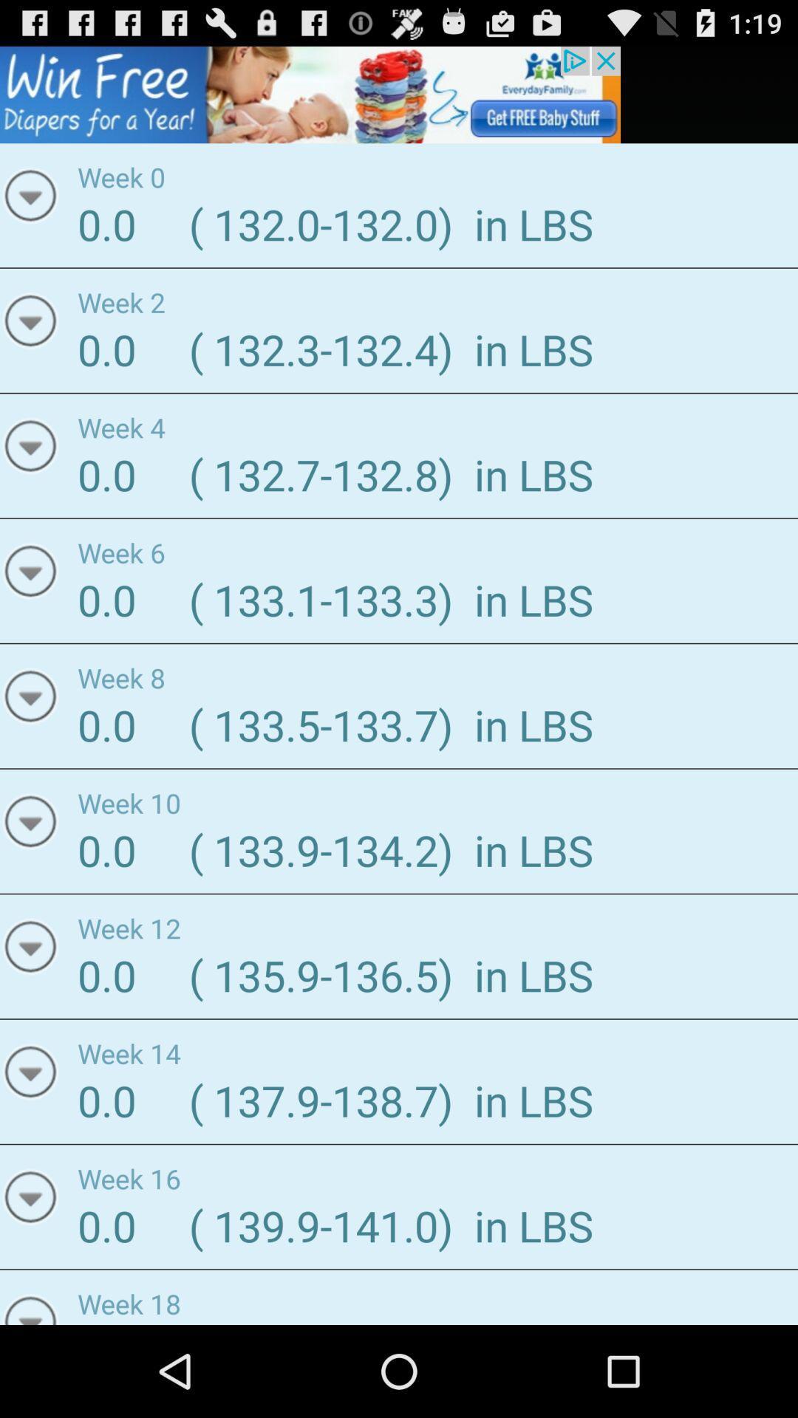  I want to click on show advertisement, so click(310, 94).